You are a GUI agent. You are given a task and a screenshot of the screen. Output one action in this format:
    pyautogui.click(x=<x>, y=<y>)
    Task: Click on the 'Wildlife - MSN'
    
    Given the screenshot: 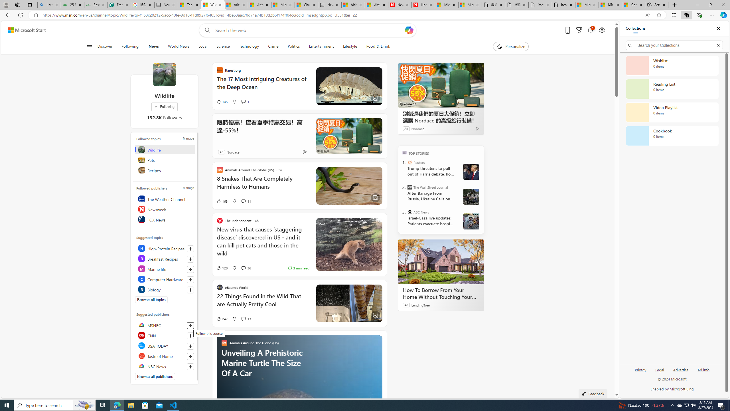 What is the action you would take?
    pyautogui.click(x=212, y=5)
    